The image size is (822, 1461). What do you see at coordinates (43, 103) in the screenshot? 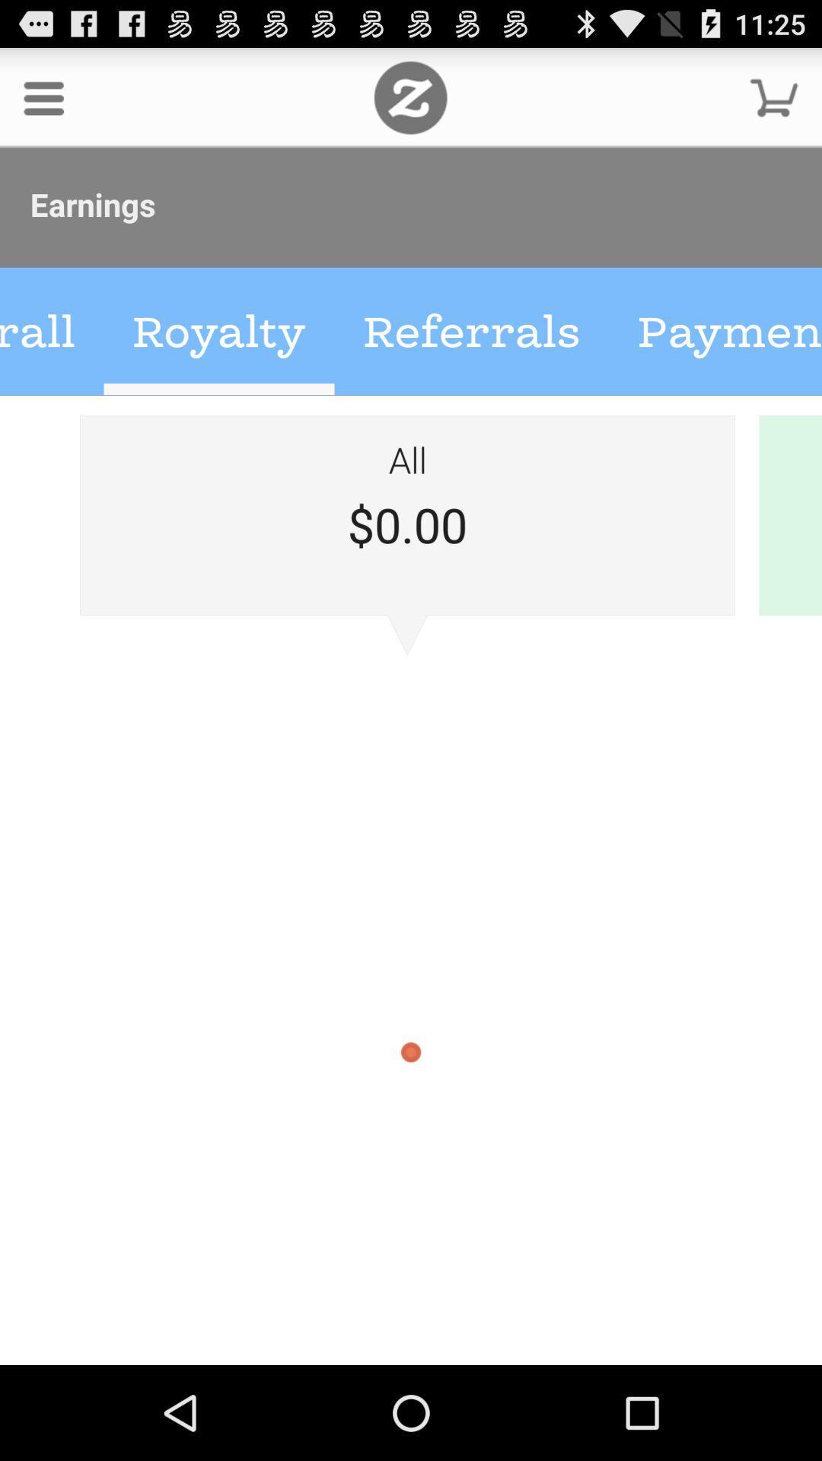
I see `the menu icon` at bounding box center [43, 103].